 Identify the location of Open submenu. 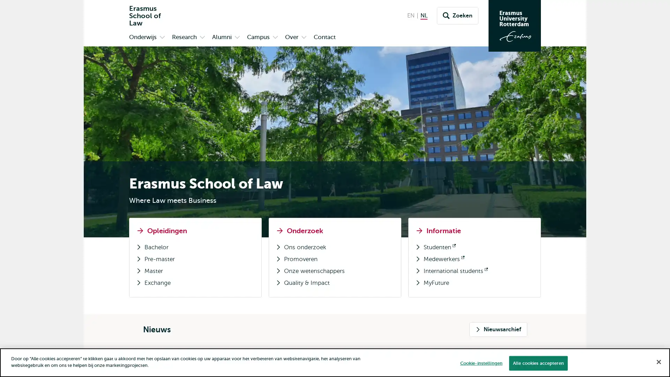
(237, 38).